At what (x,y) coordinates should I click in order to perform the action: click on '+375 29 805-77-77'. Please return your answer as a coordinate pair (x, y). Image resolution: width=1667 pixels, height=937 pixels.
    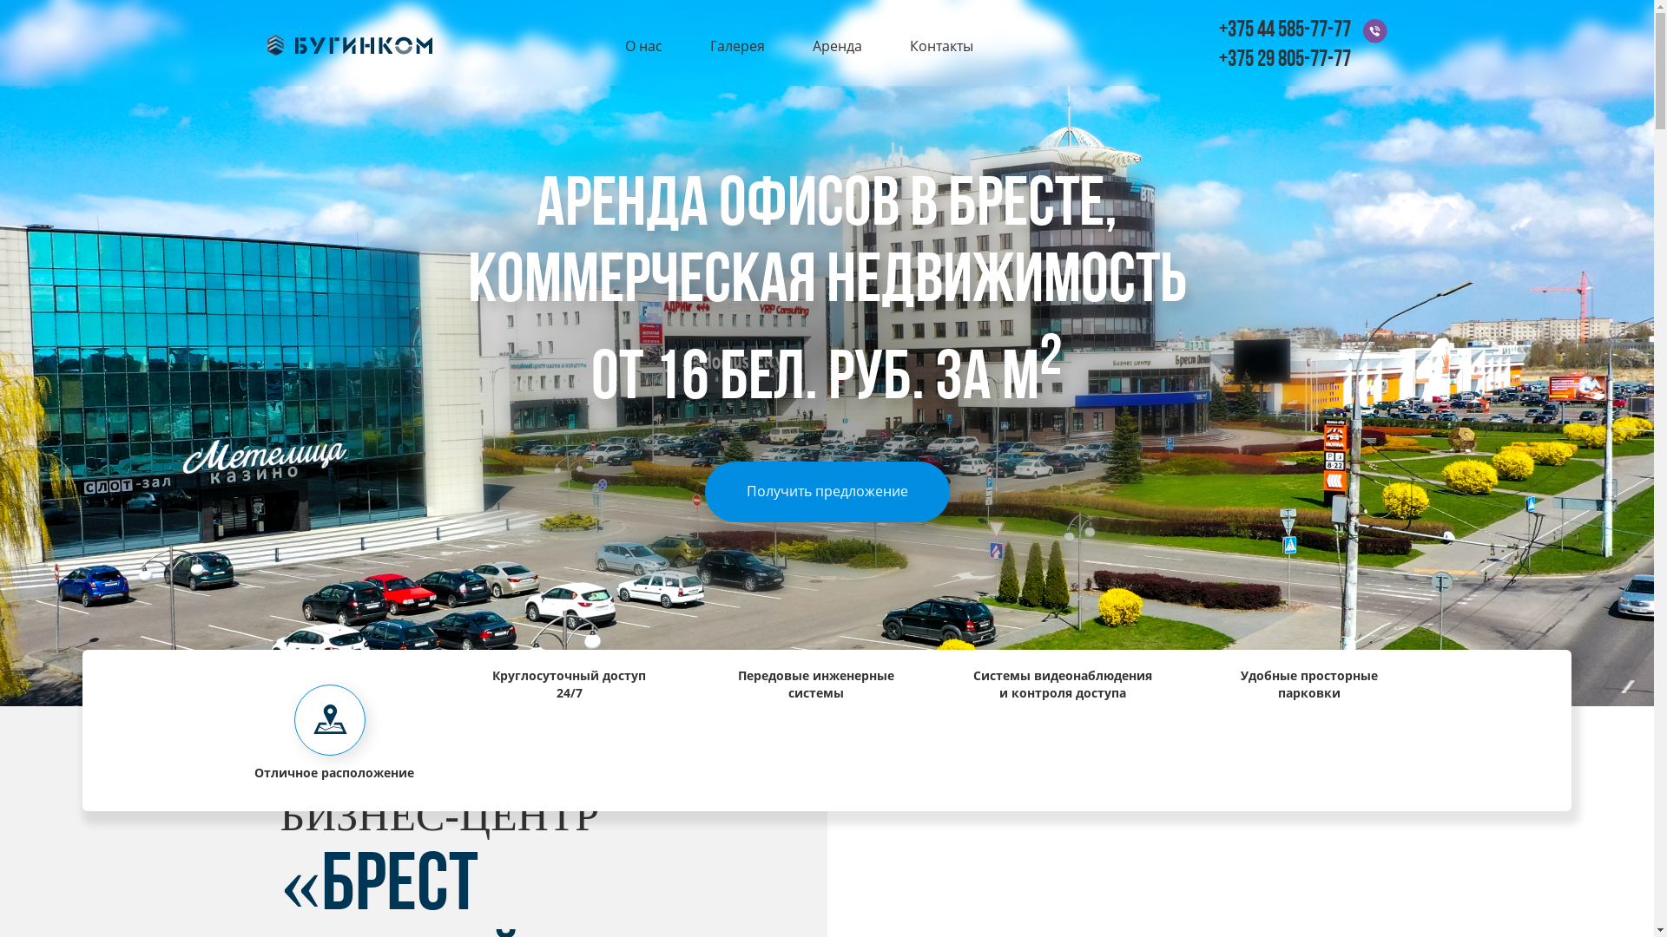
    Looking at the image, I should click on (1284, 59).